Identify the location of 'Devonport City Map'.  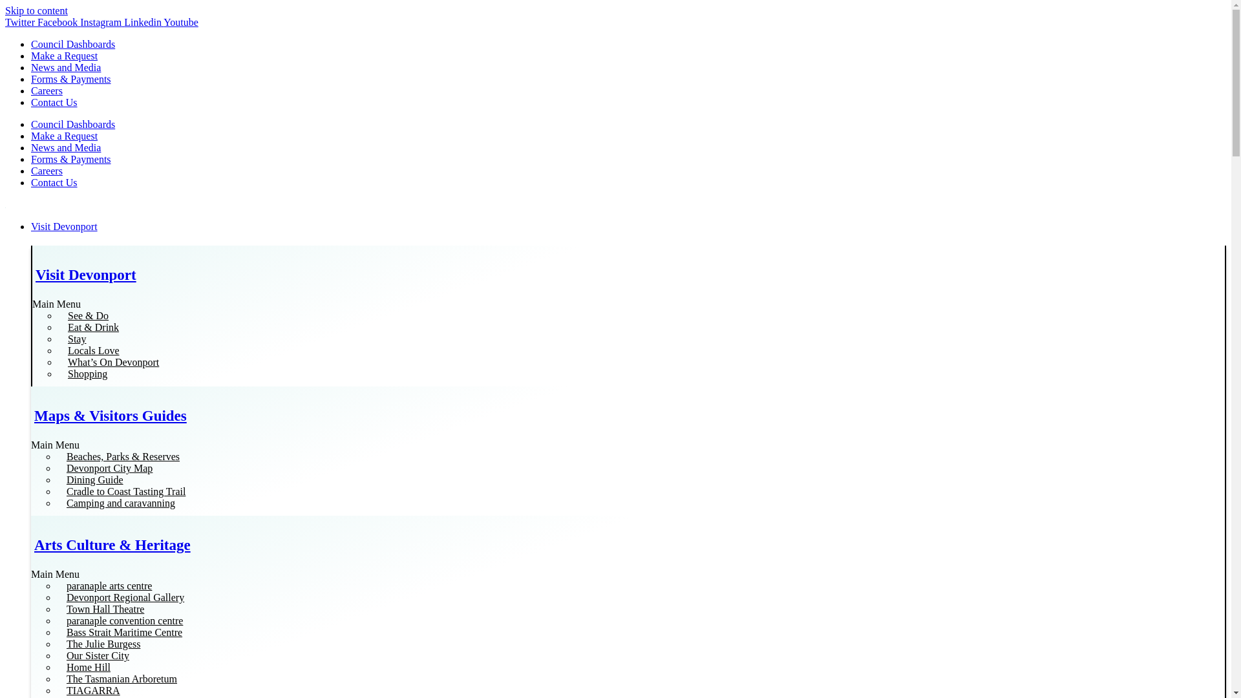
(109, 468).